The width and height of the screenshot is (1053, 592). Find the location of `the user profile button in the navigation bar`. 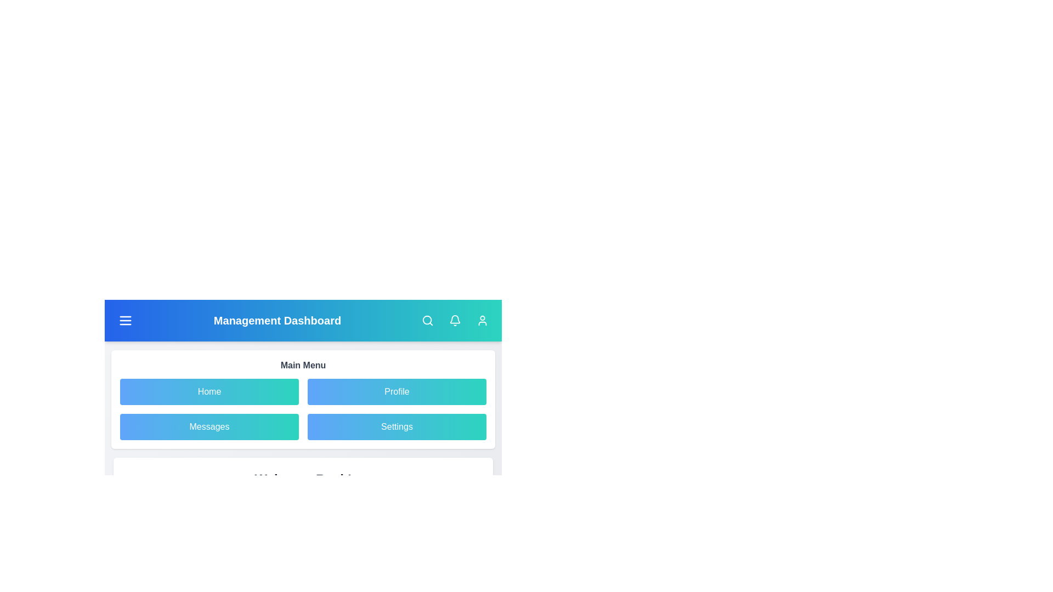

the user profile button in the navigation bar is located at coordinates (482, 321).